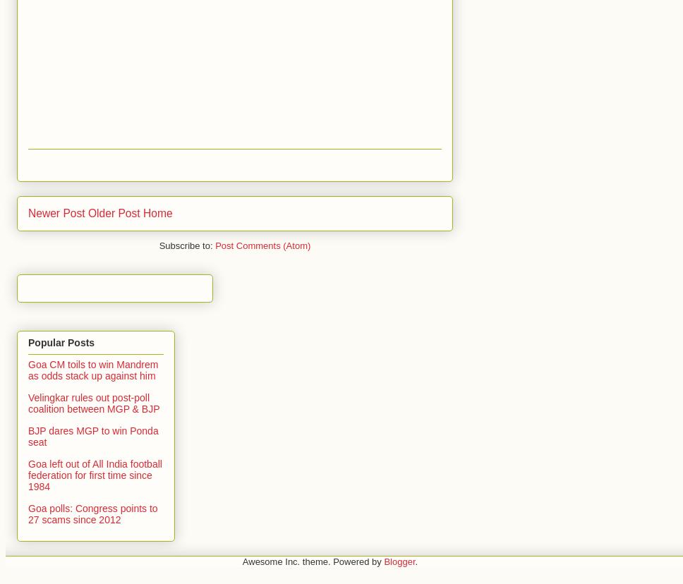 Image resolution: width=683 pixels, height=584 pixels. What do you see at coordinates (143, 212) in the screenshot?
I see `'Home'` at bounding box center [143, 212].